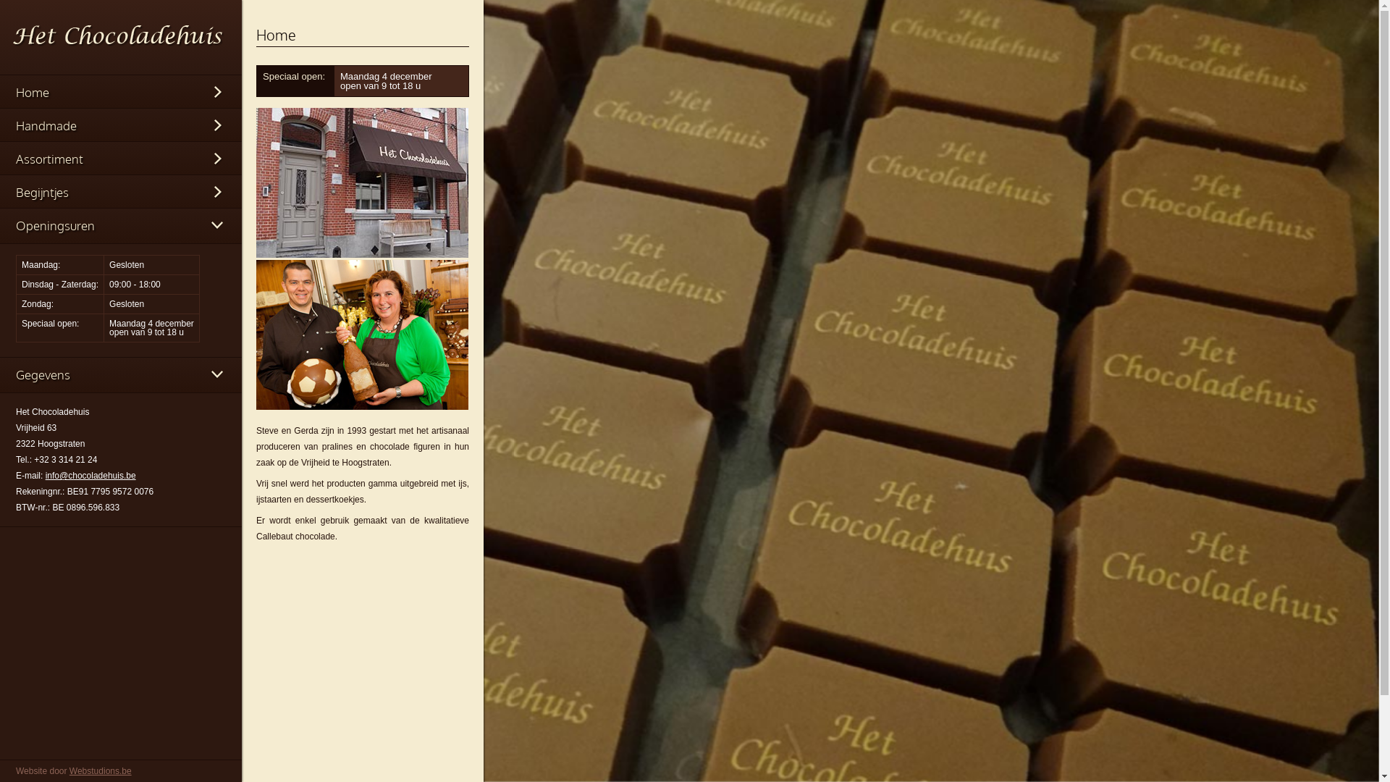 This screenshot has height=782, width=1390. Describe the element at coordinates (121, 192) in the screenshot. I see `'Begijntjes'` at that location.